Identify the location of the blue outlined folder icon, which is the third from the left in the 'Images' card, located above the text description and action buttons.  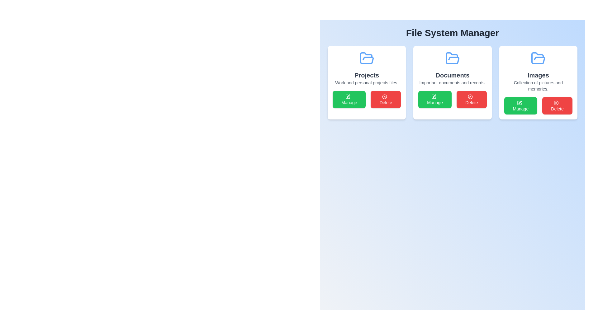
(538, 58).